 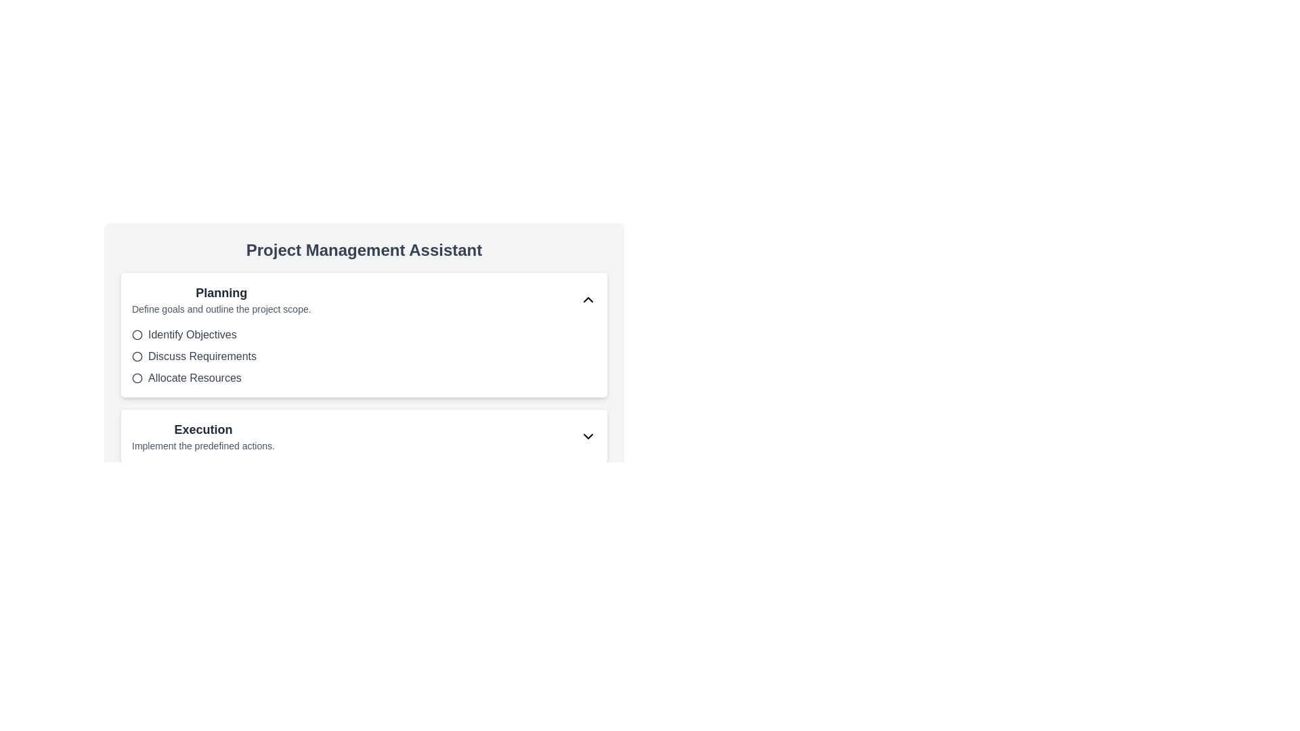 I want to click on the upward-facing chevron icon, which is styled with a simple outlined design in black, located to the right of the bold 'Planning' text, so click(x=588, y=299).